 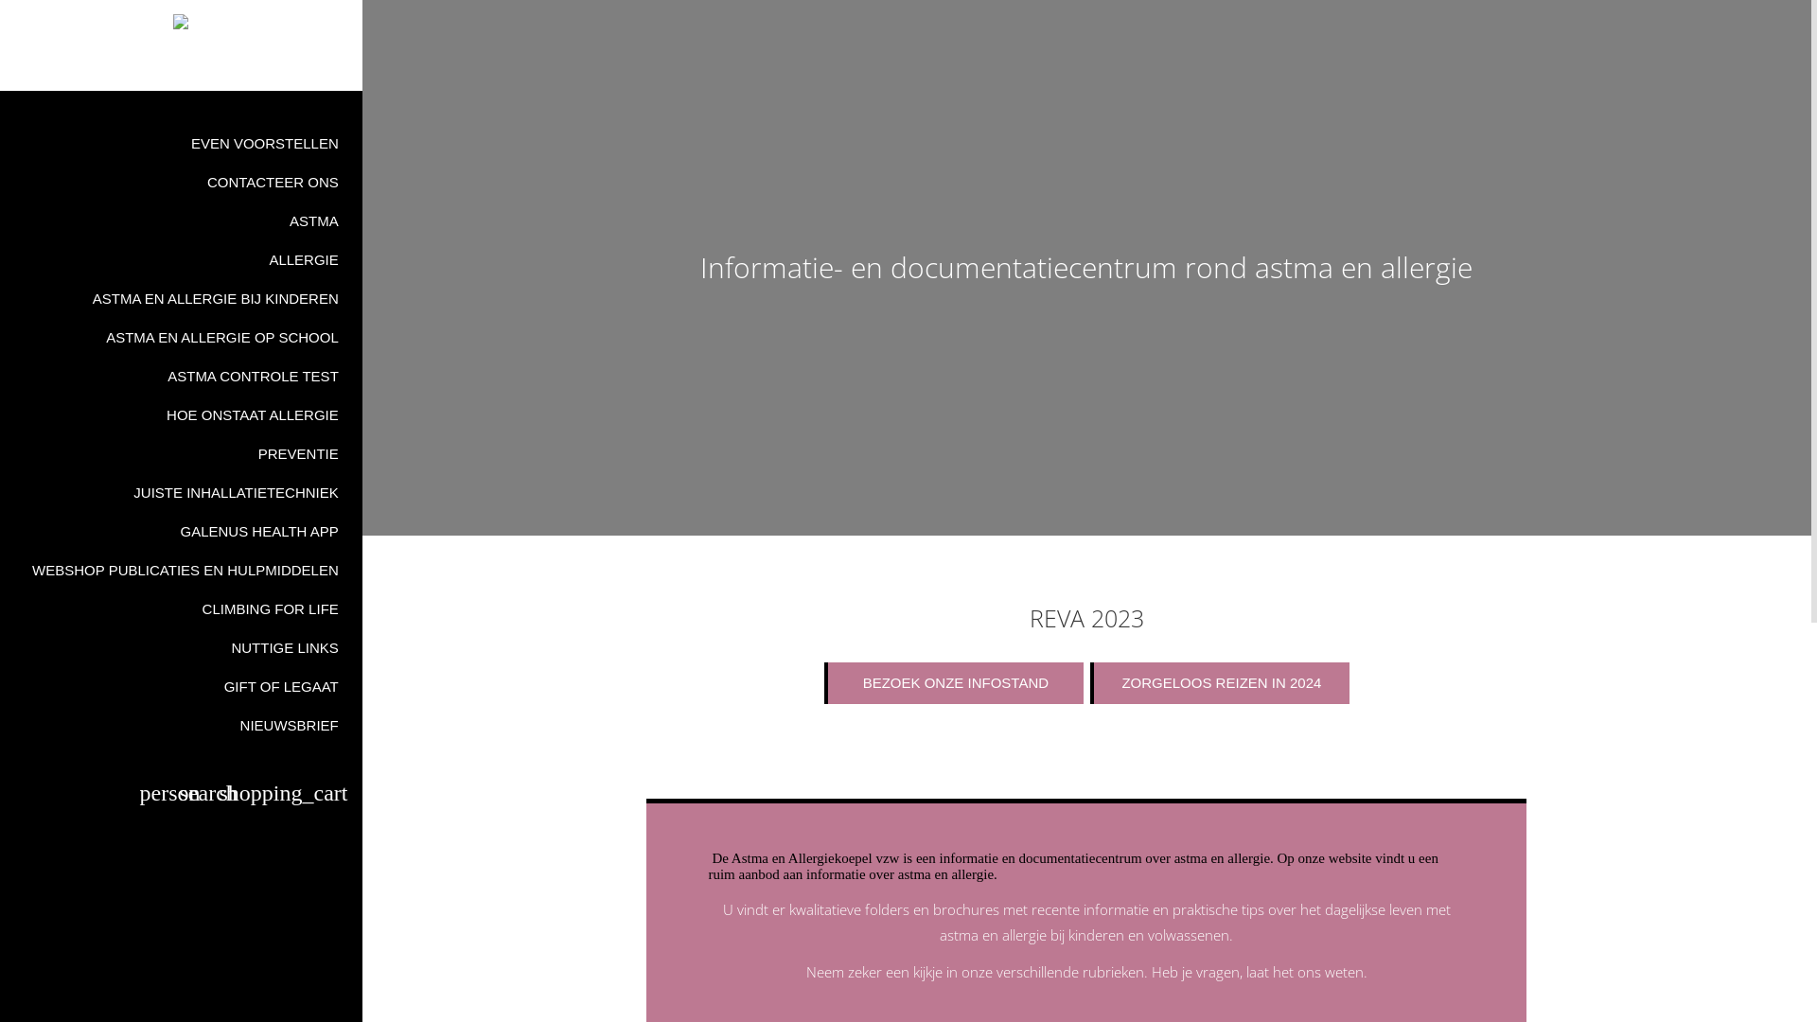 I want to click on 'shopping_cart', so click(x=284, y=795).